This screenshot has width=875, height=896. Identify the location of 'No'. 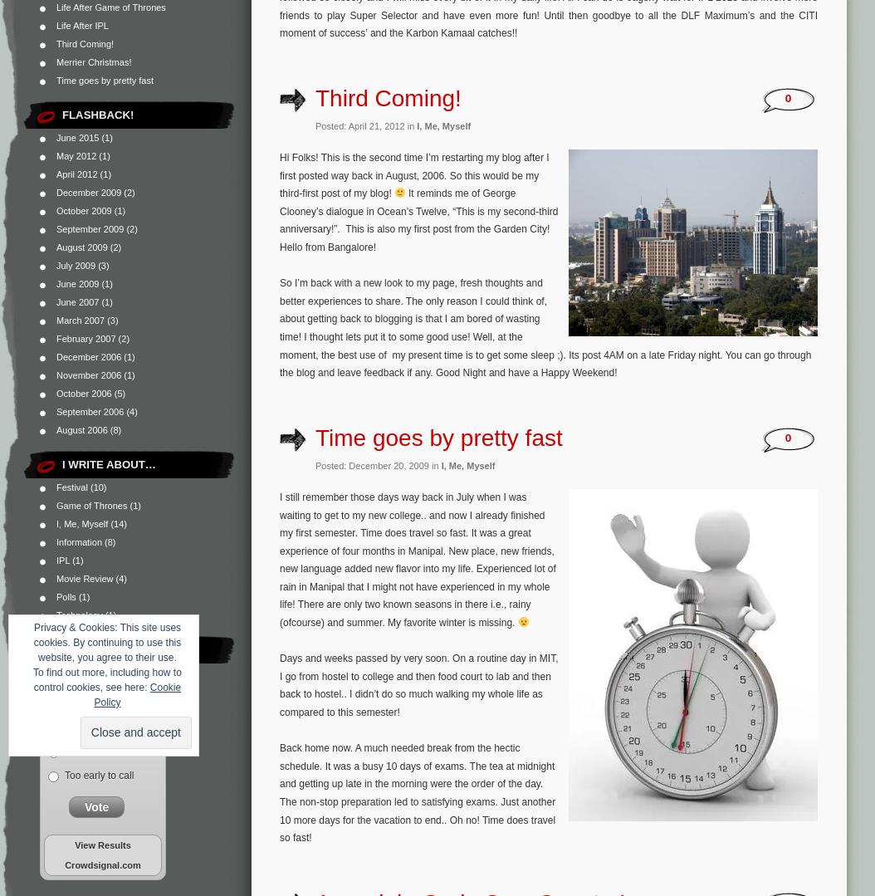
(70, 750).